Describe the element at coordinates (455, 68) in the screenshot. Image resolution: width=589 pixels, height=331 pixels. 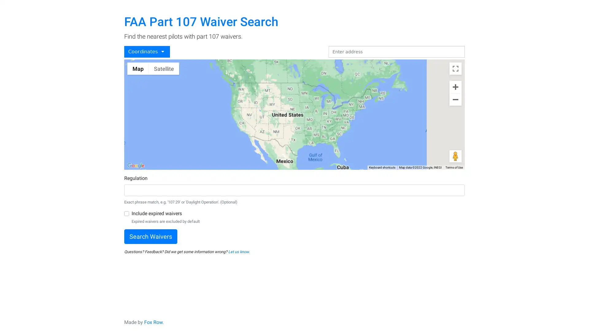
I see `Toggle fullscreen view` at that location.